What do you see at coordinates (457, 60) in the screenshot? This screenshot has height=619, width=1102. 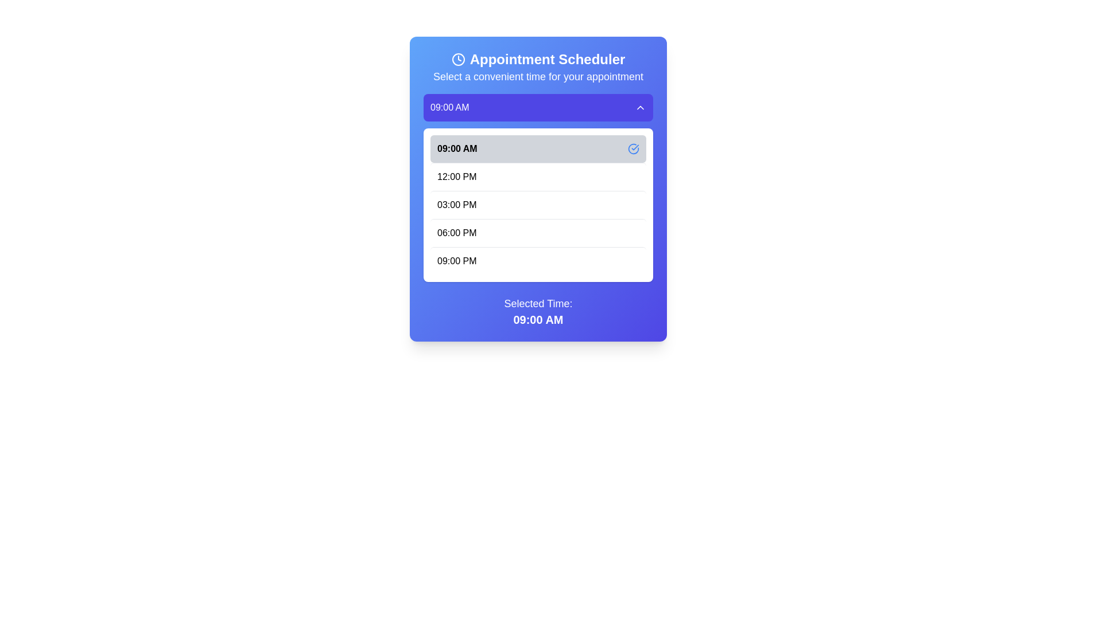 I see `the clock icon located in the header section of the 'Appointment Scheduler' interface, positioned to the left of the title` at bounding box center [457, 60].